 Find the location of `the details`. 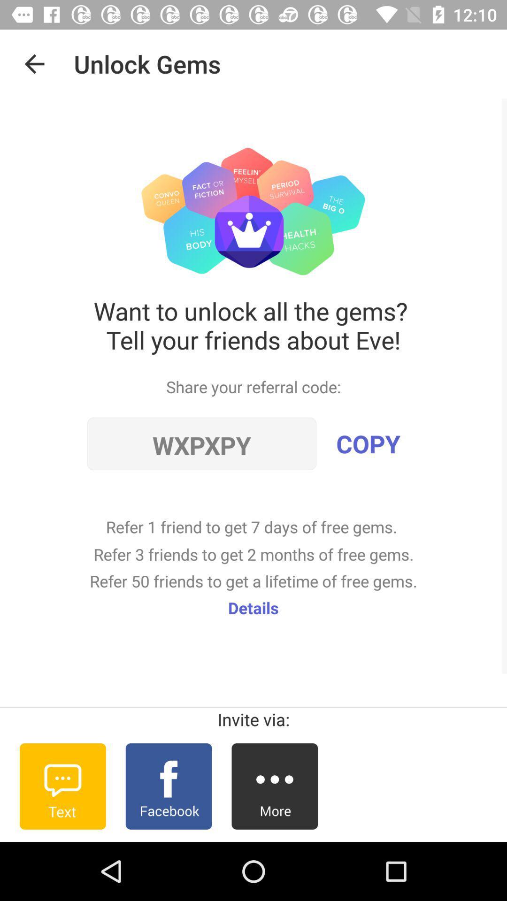

the details is located at coordinates (253, 608).